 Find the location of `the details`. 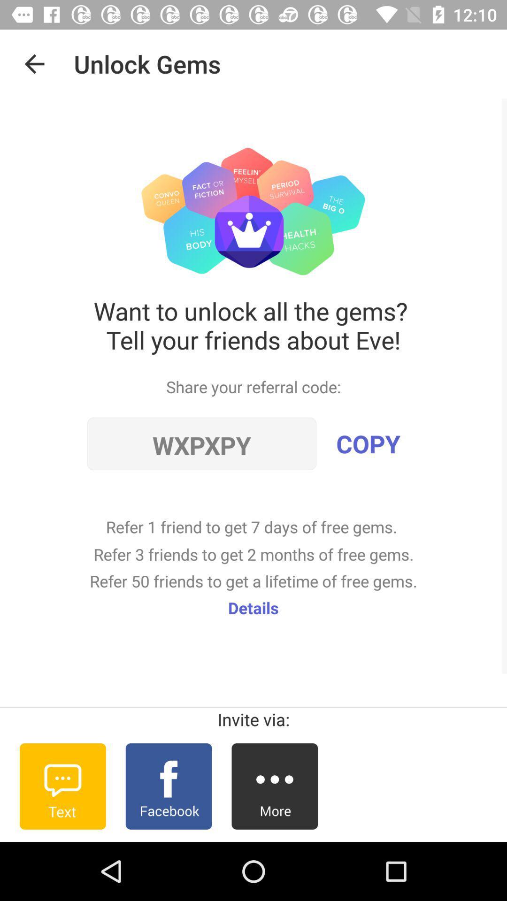

the details is located at coordinates (253, 608).